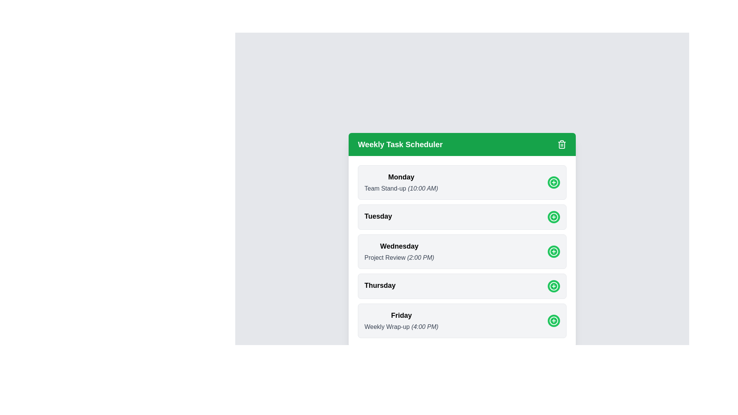 This screenshot has height=415, width=738. What do you see at coordinates (462, 320) in the screenshot?
I see `the section corresponding to Friday to observe the shadow effect` at bounding box center [462, 320].